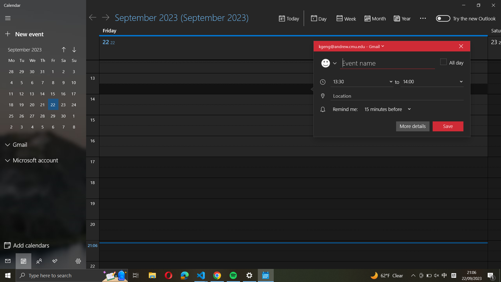 The image size is (501, 282). Describe the element at coordinates (105, 17) in the screenshot. I see `Progress to the day after on the calendar` at that location.